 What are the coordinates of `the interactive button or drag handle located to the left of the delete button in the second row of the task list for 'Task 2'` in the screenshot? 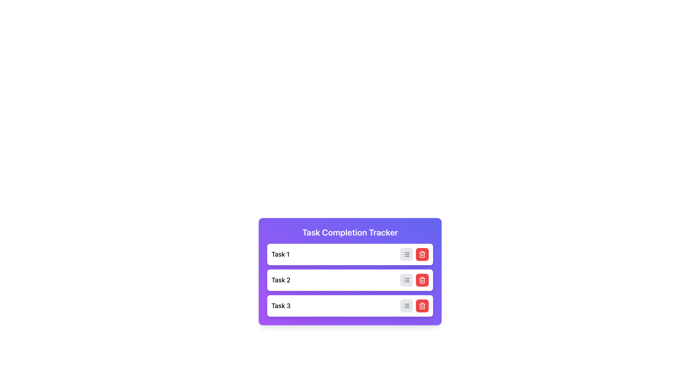 It's located at (406, 279).